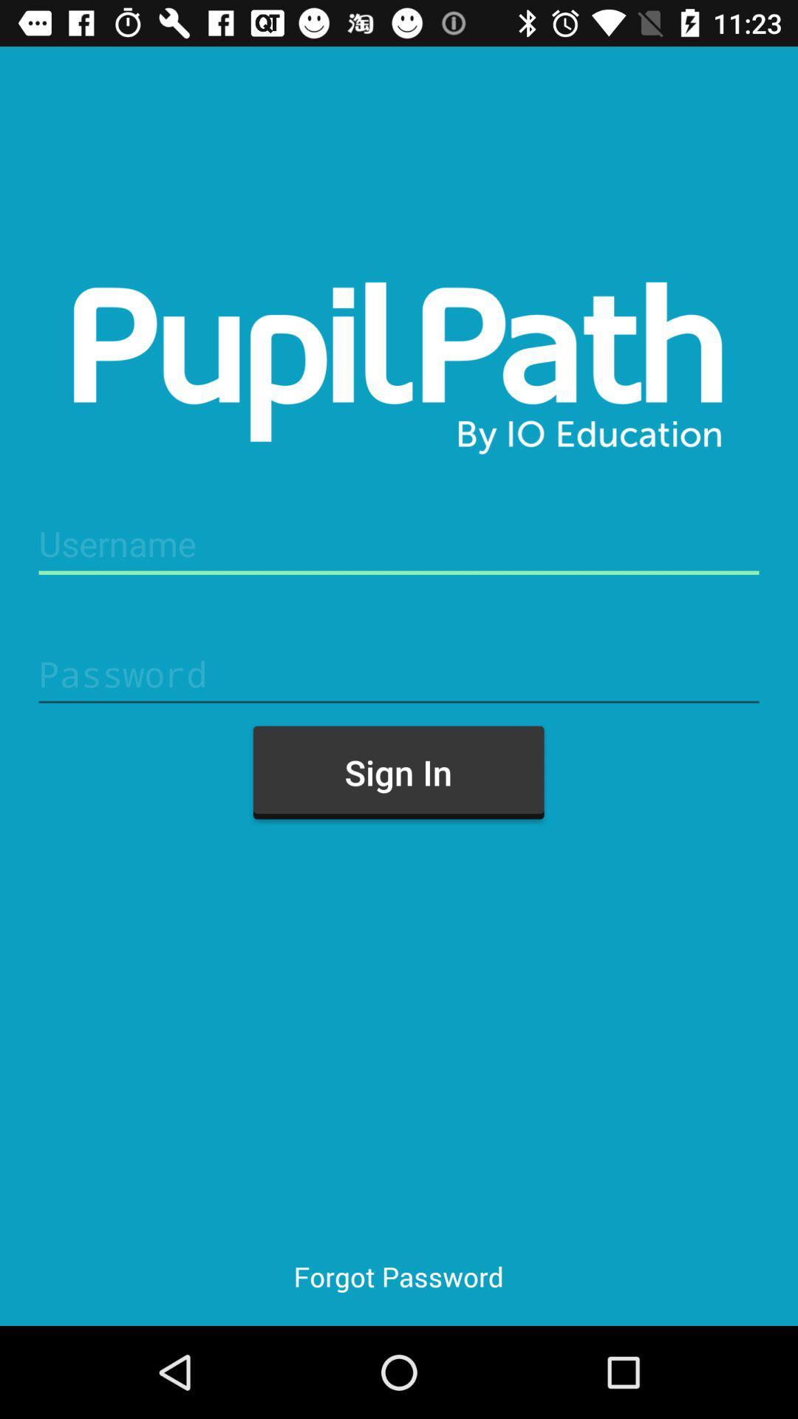 The height and width of the screenshot is (1419, 798). I want to click on the item above forgot password icon, so click(398, 772).